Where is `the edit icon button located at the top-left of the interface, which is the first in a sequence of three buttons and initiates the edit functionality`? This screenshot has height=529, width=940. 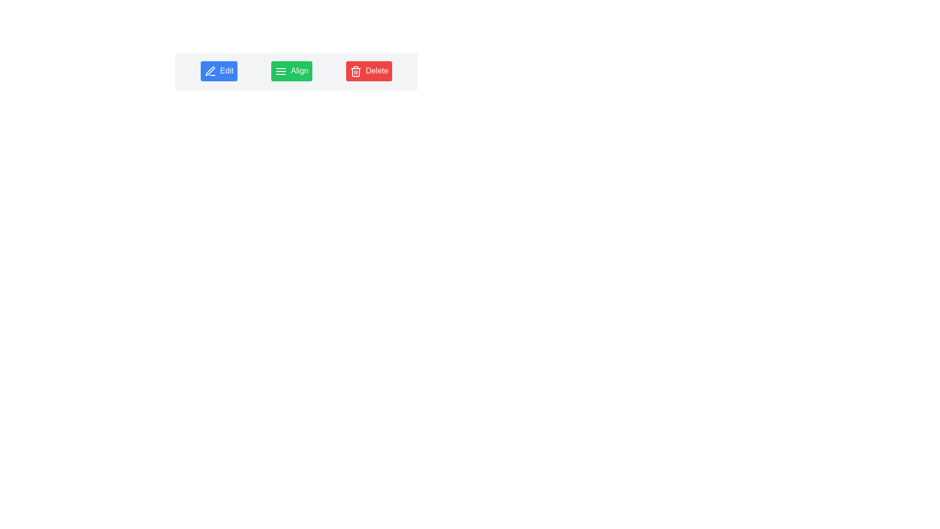 the edit icon button located at the top-left of the interface, which is the first in a sequence of three buttons and initiates the edit functionality is located at coordinates (210, 71).